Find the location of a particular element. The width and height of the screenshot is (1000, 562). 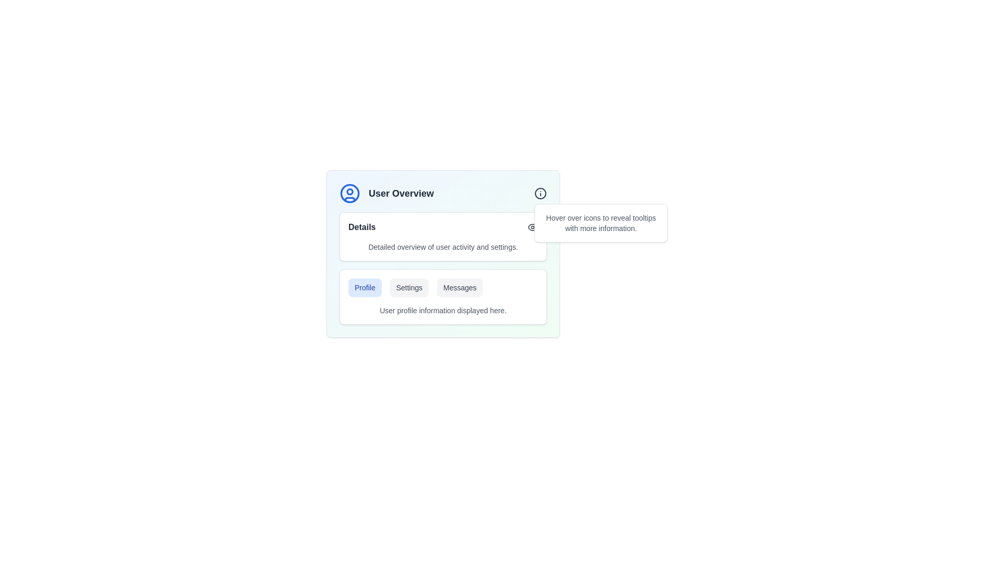

descriptive header text indicating that the content below pertains to an overview of user-related information, located at the top-left area of the card component, aligned to the right of the circular user icon is located at coordinates (401, 193).